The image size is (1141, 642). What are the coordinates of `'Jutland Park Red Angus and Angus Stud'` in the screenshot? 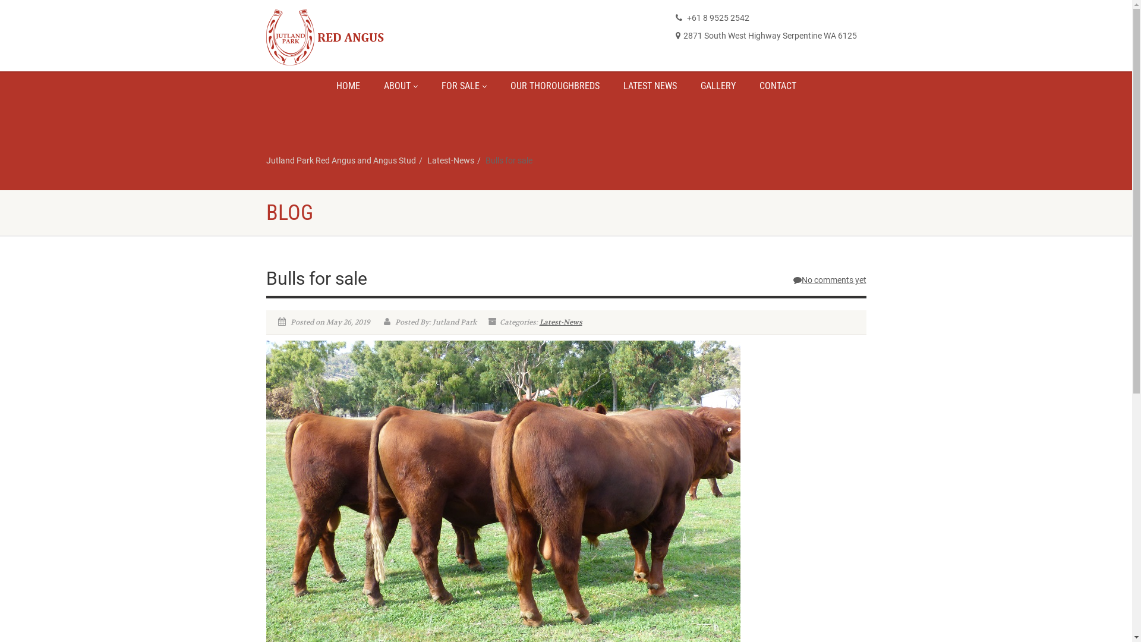 It's located at (341, 160).